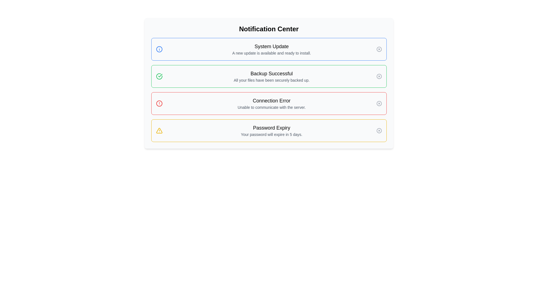 This screenshot has width=533, height=299. What do you see at coordinates (271, 104) in the screenshot?
I see `error message from the text block that states 'Connection Error' and 'Unable to communicate with the server.' located within the notification card` at bounding box center [271, 104].